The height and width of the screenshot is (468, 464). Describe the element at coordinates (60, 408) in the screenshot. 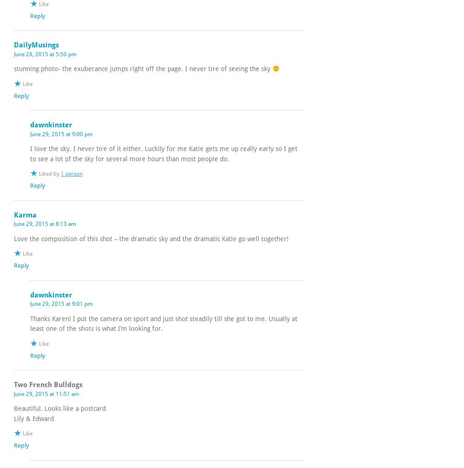

I see `'Beautiful. Looks like a postcard'` at that location.